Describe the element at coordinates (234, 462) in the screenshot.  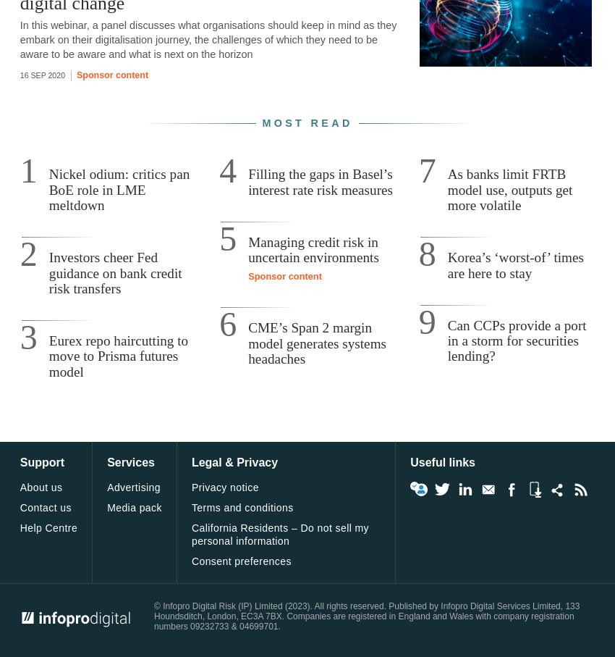
I see `'Legal & Privacy'` at that location.